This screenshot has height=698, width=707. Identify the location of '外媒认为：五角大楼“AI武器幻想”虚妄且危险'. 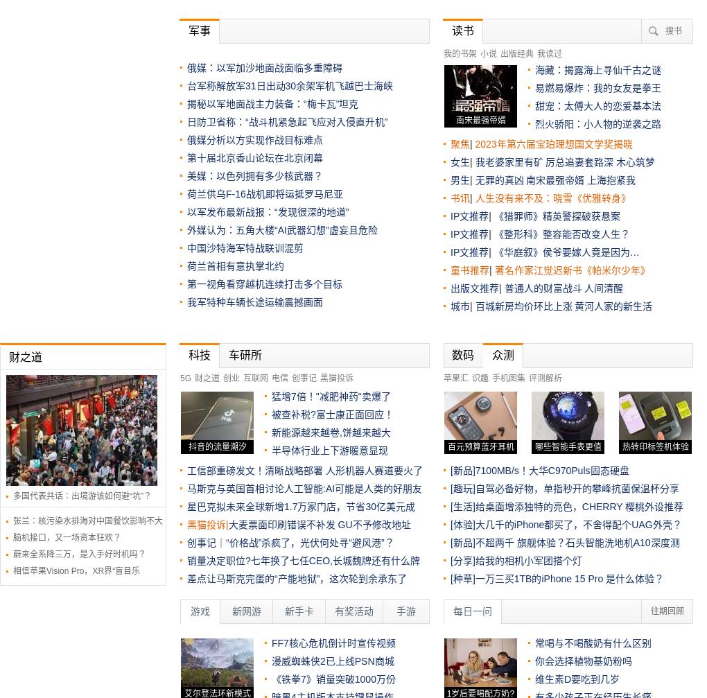
(281, 230).